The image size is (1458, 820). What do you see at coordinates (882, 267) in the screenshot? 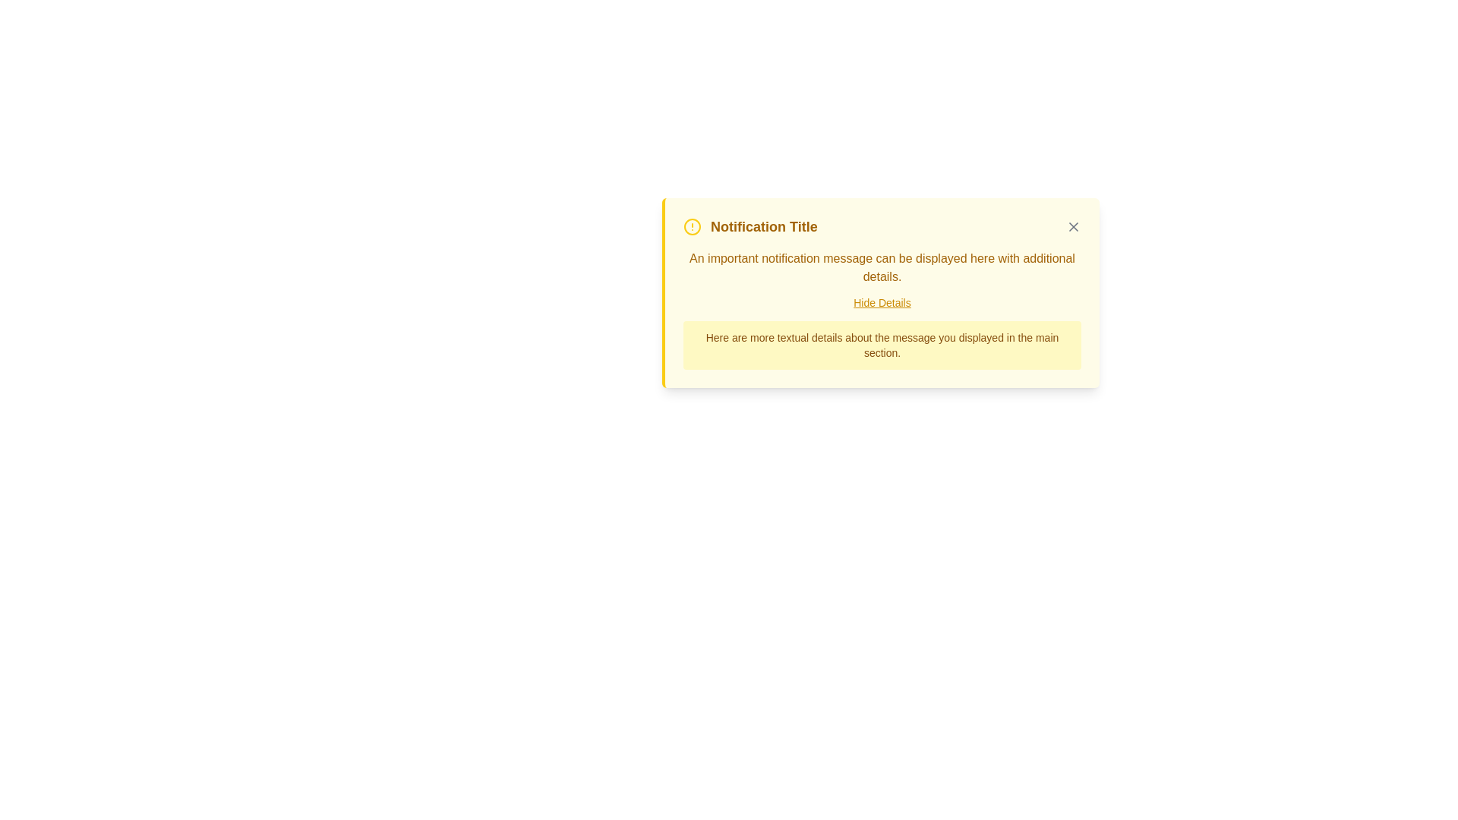
I see `the Informative Text Block that contains the message 'An important notification message can be displayed here with additional details.', which is styled with a yellowish color and located under the title 'Notification Title' in a yellow bordered notification card` at bounding box center [882, 267].